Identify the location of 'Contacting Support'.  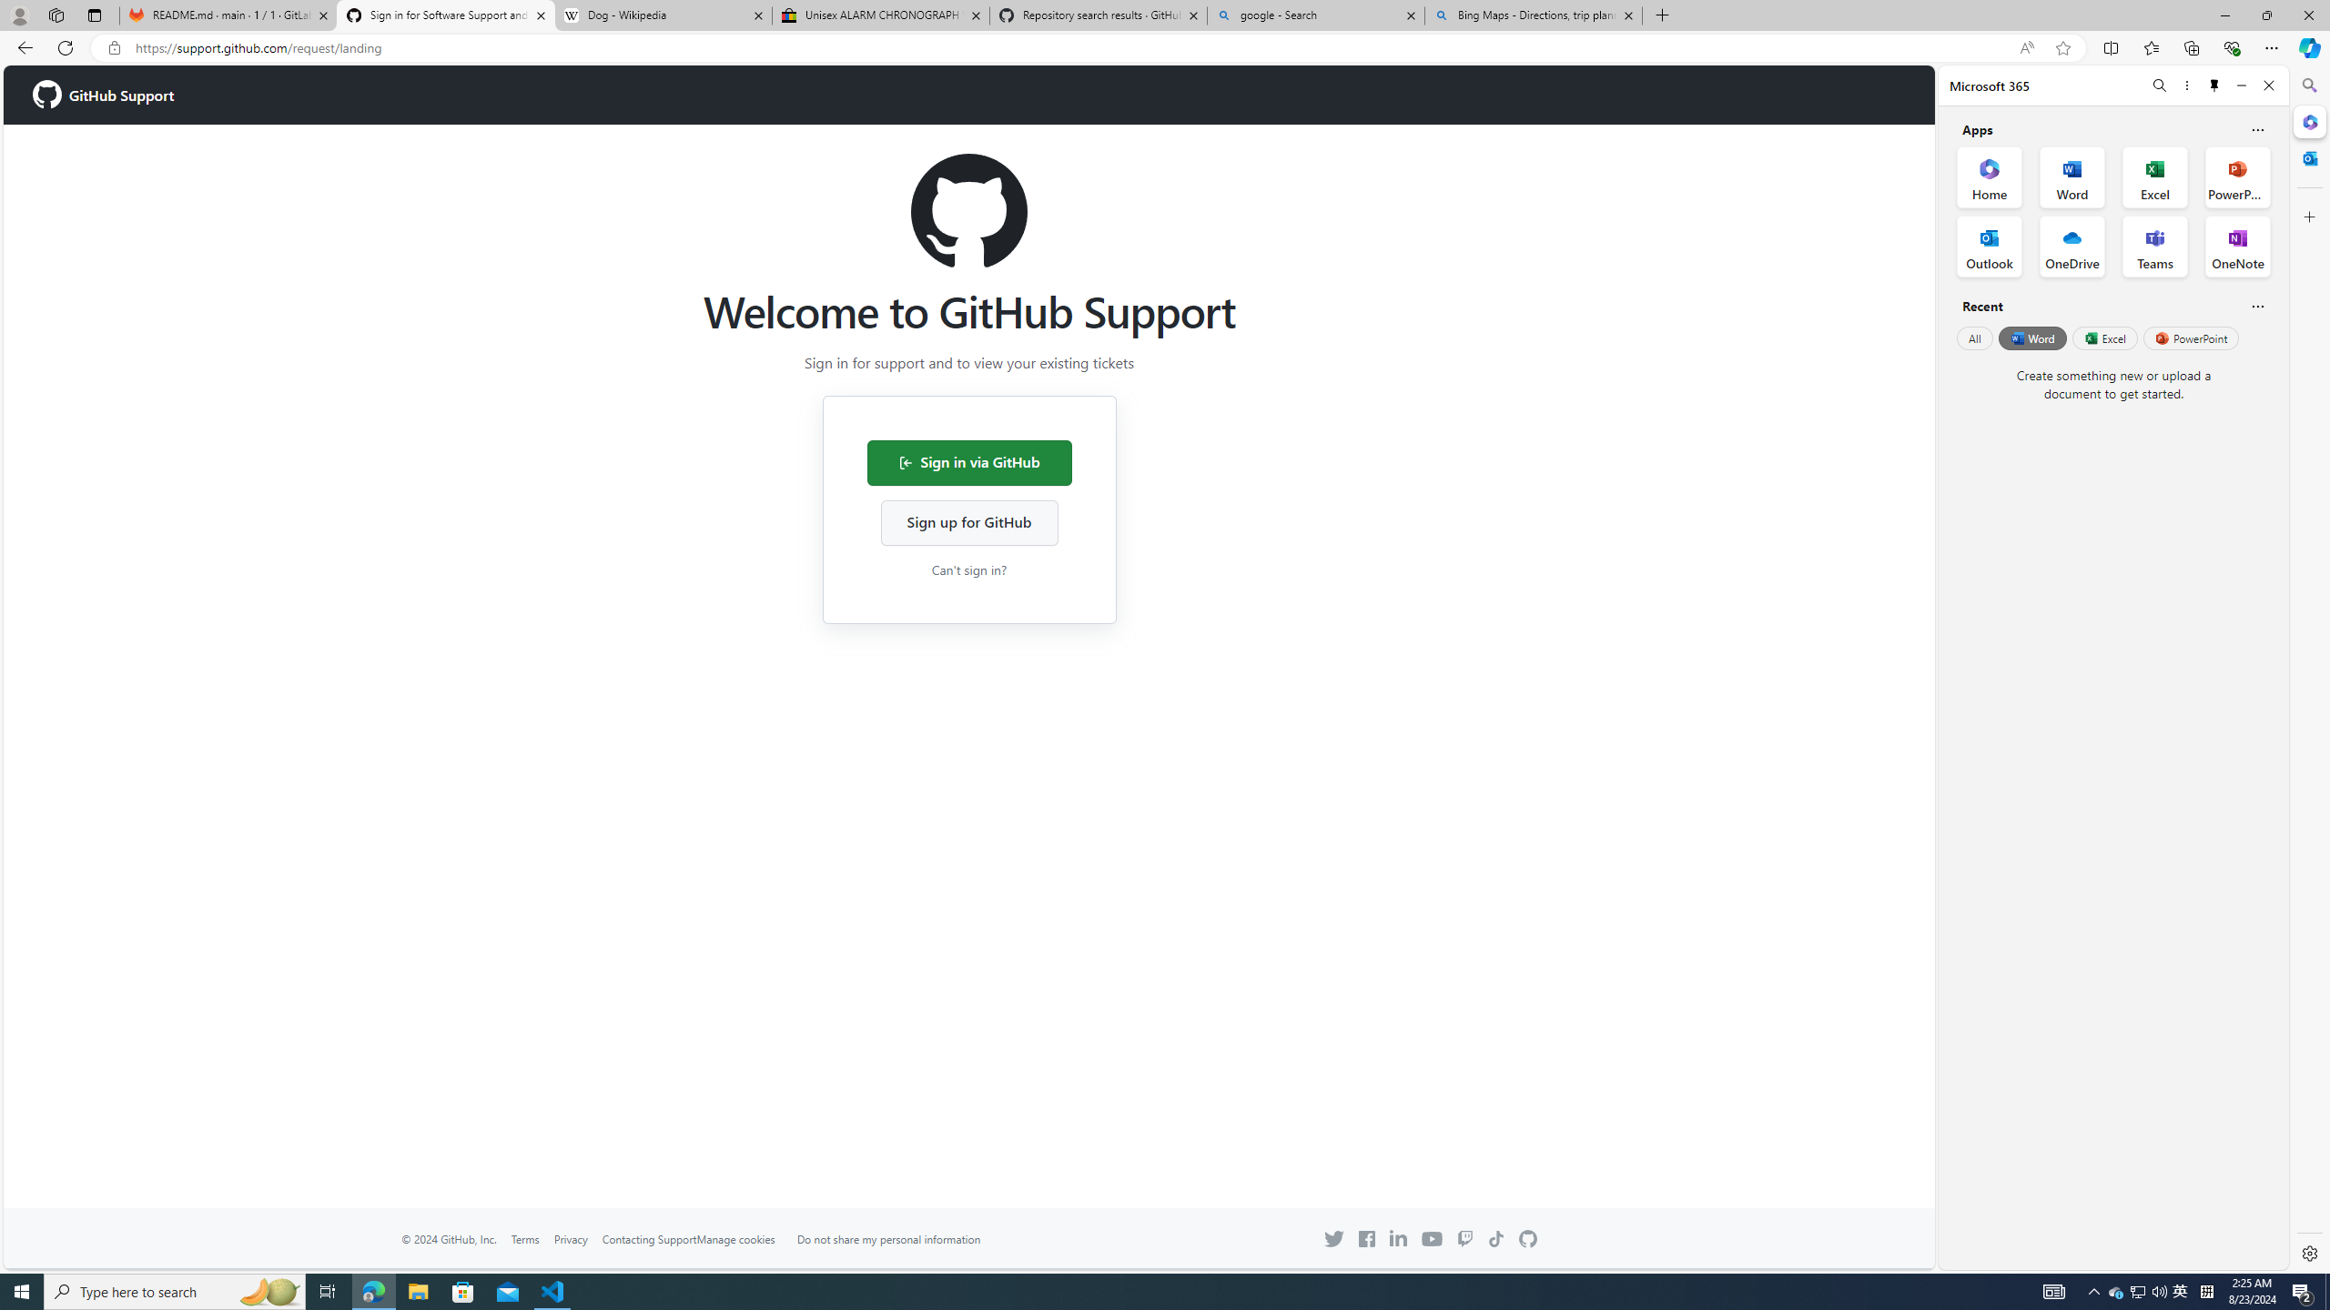
(648, 1237).